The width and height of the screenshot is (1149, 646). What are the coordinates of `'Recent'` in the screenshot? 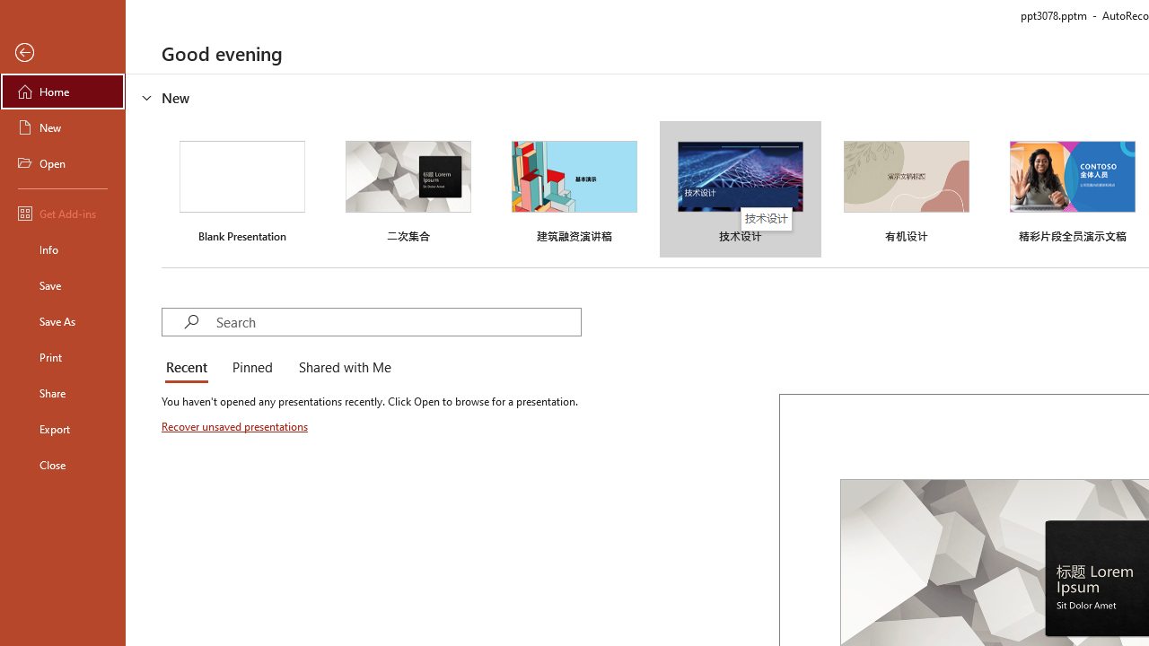 It's located at (190, 368).